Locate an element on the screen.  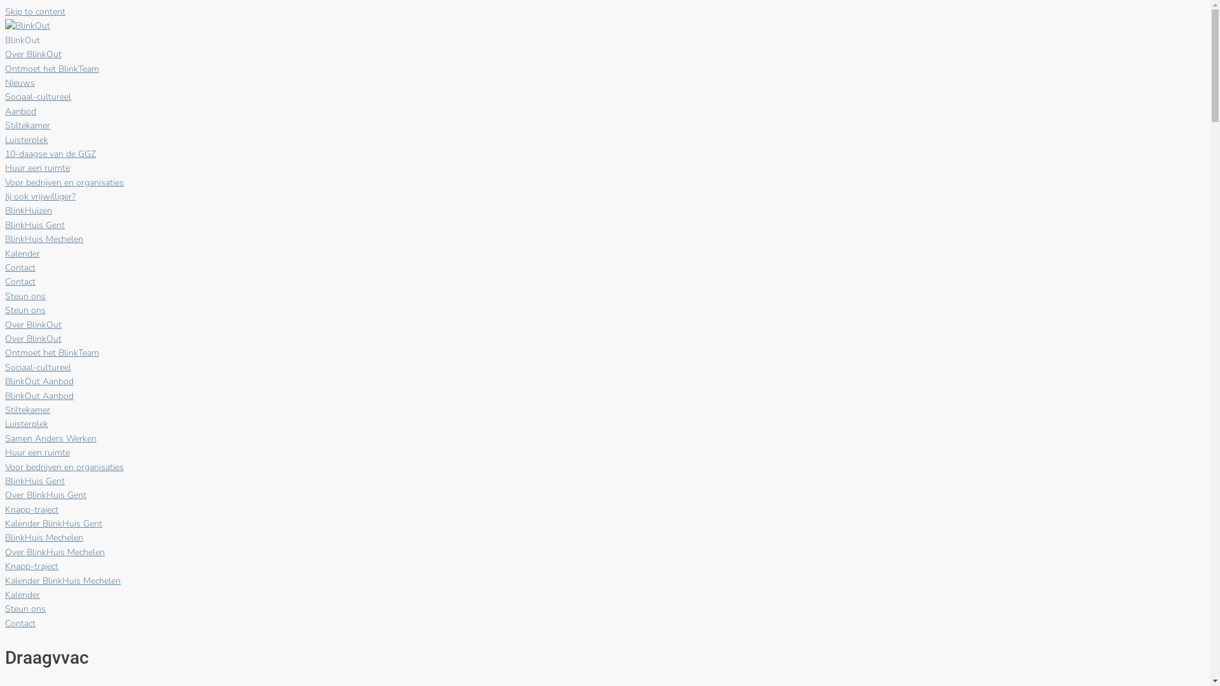
'Luisterplek' is located at coordinates (27, 140).